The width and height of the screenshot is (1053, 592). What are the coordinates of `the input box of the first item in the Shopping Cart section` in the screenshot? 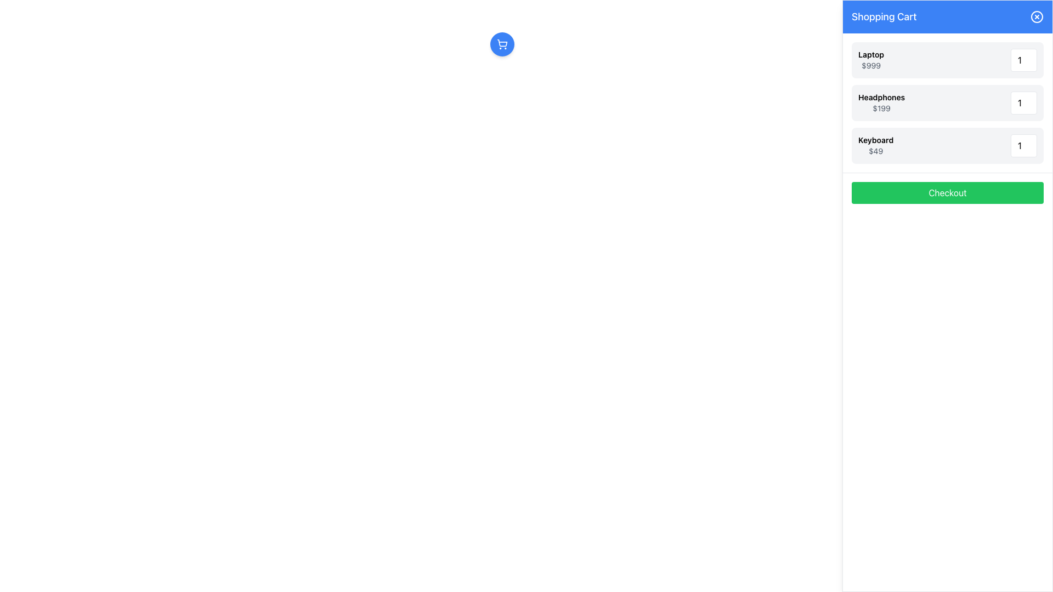 It's located at (947, 60).